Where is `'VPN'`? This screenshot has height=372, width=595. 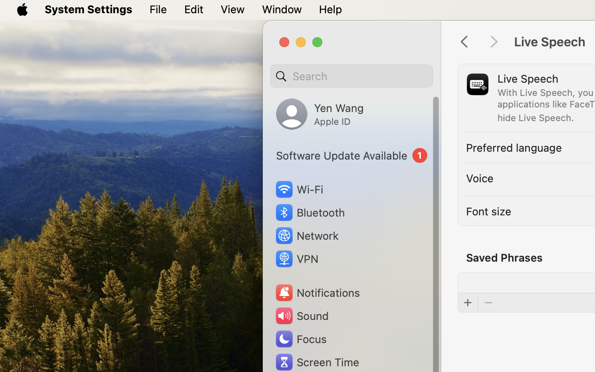 'VPN' is located at coordinates (296, 259).